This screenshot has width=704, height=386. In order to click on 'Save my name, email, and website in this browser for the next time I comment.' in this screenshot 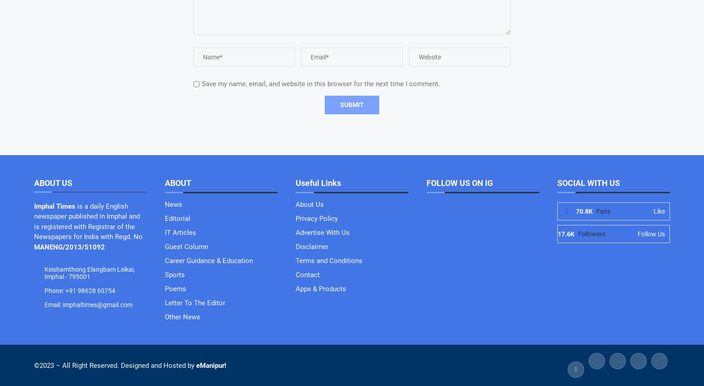, I will do `click(321, 83)`.